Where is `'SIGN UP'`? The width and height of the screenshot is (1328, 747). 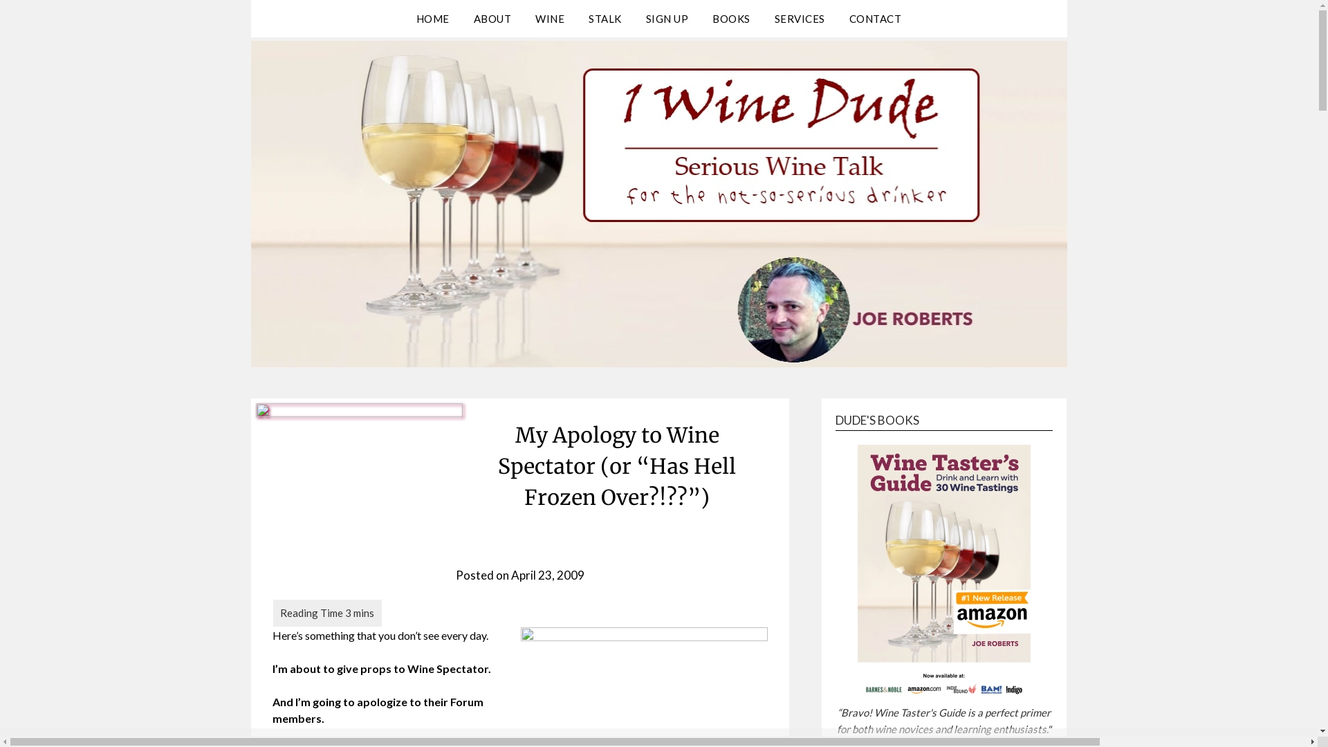 'SIGN UP' is located at coordinates (634, 19).